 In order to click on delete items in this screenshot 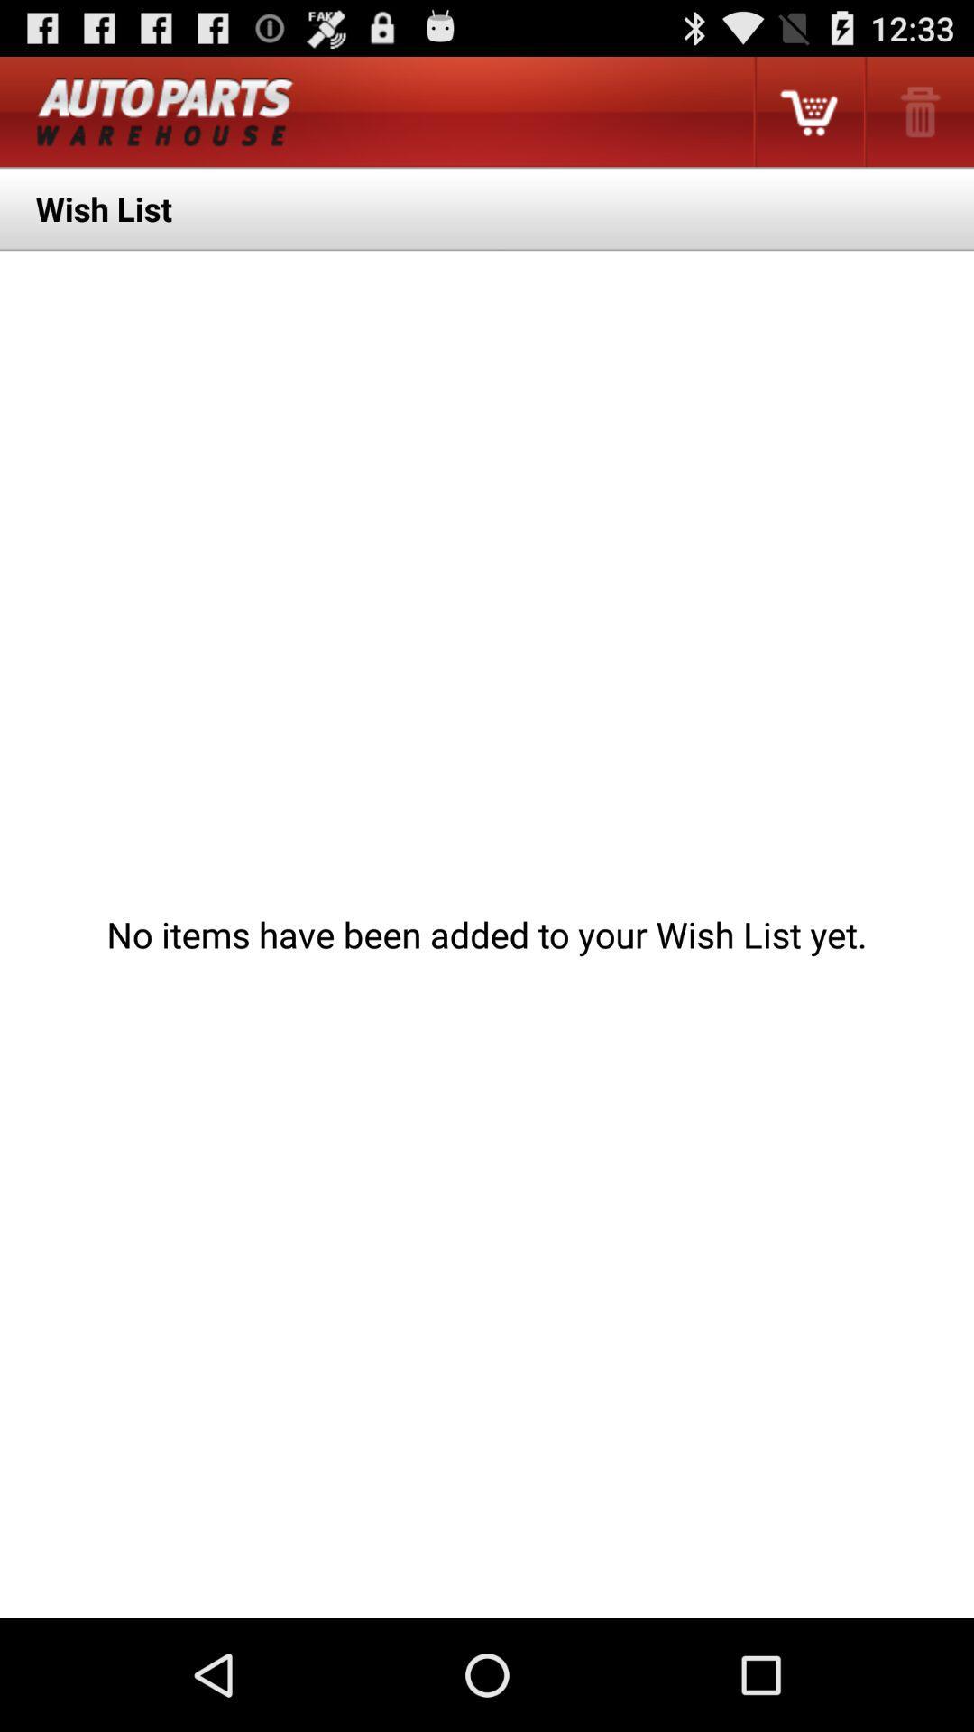, I will do `click(918, 111)`.